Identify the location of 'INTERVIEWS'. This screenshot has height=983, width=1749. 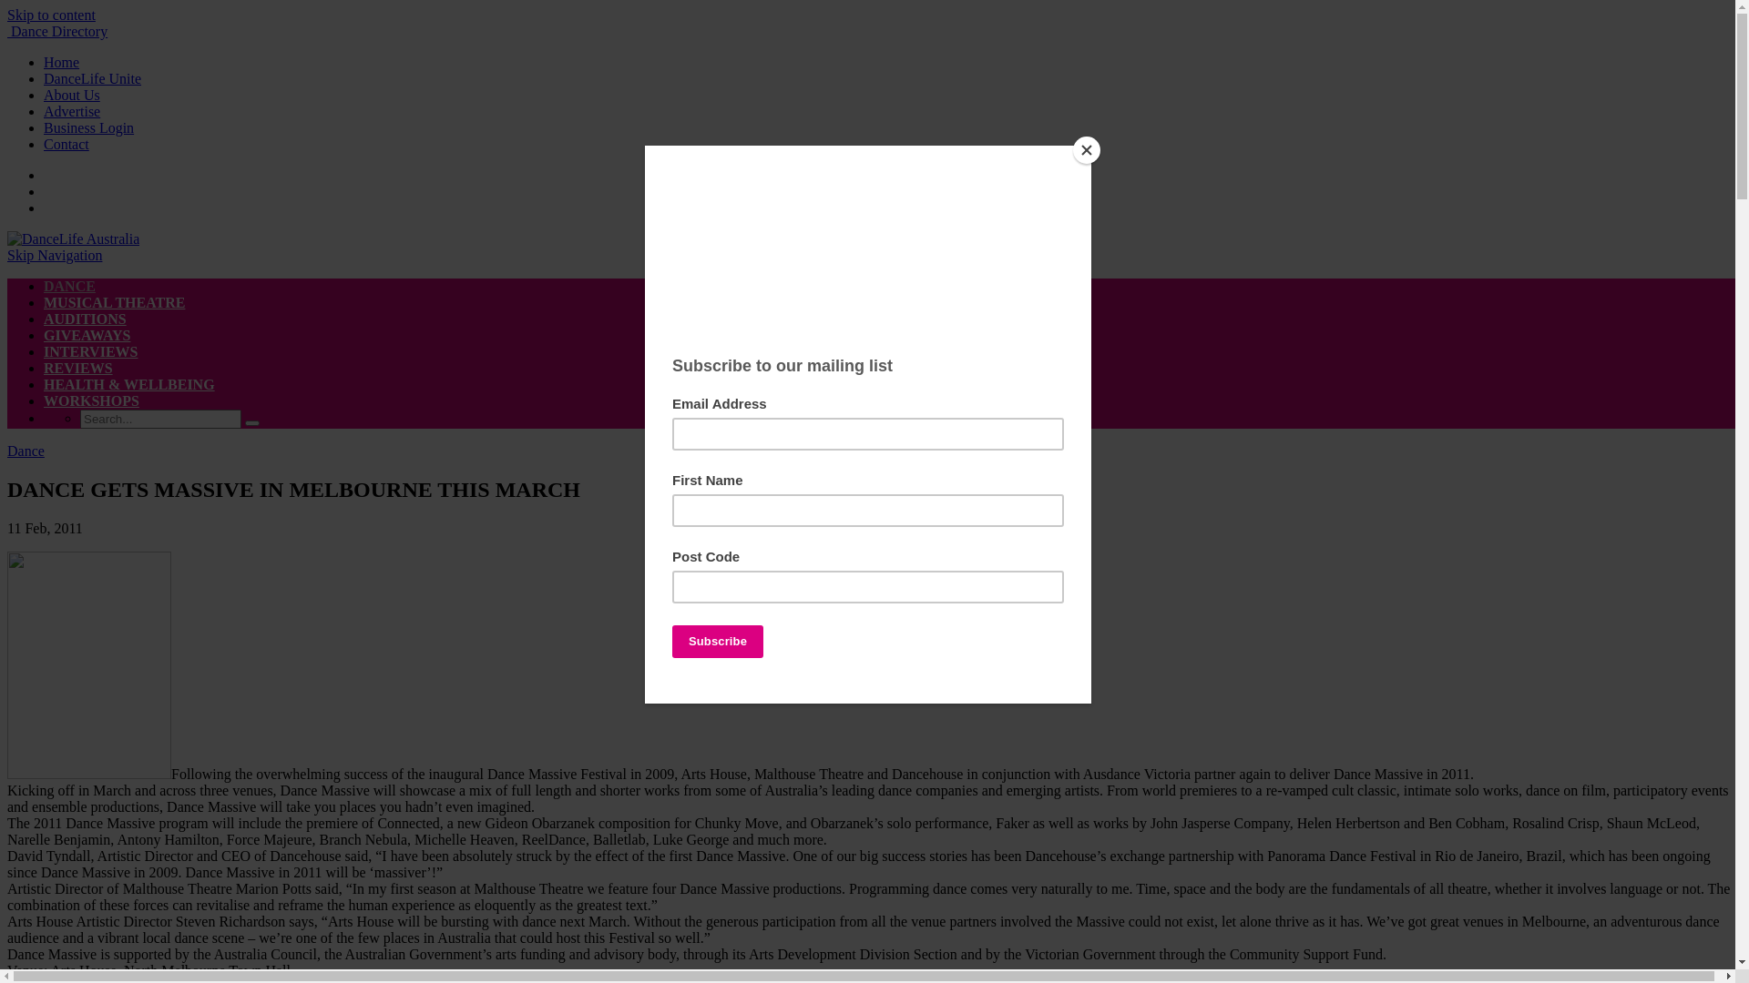
(89, 351).